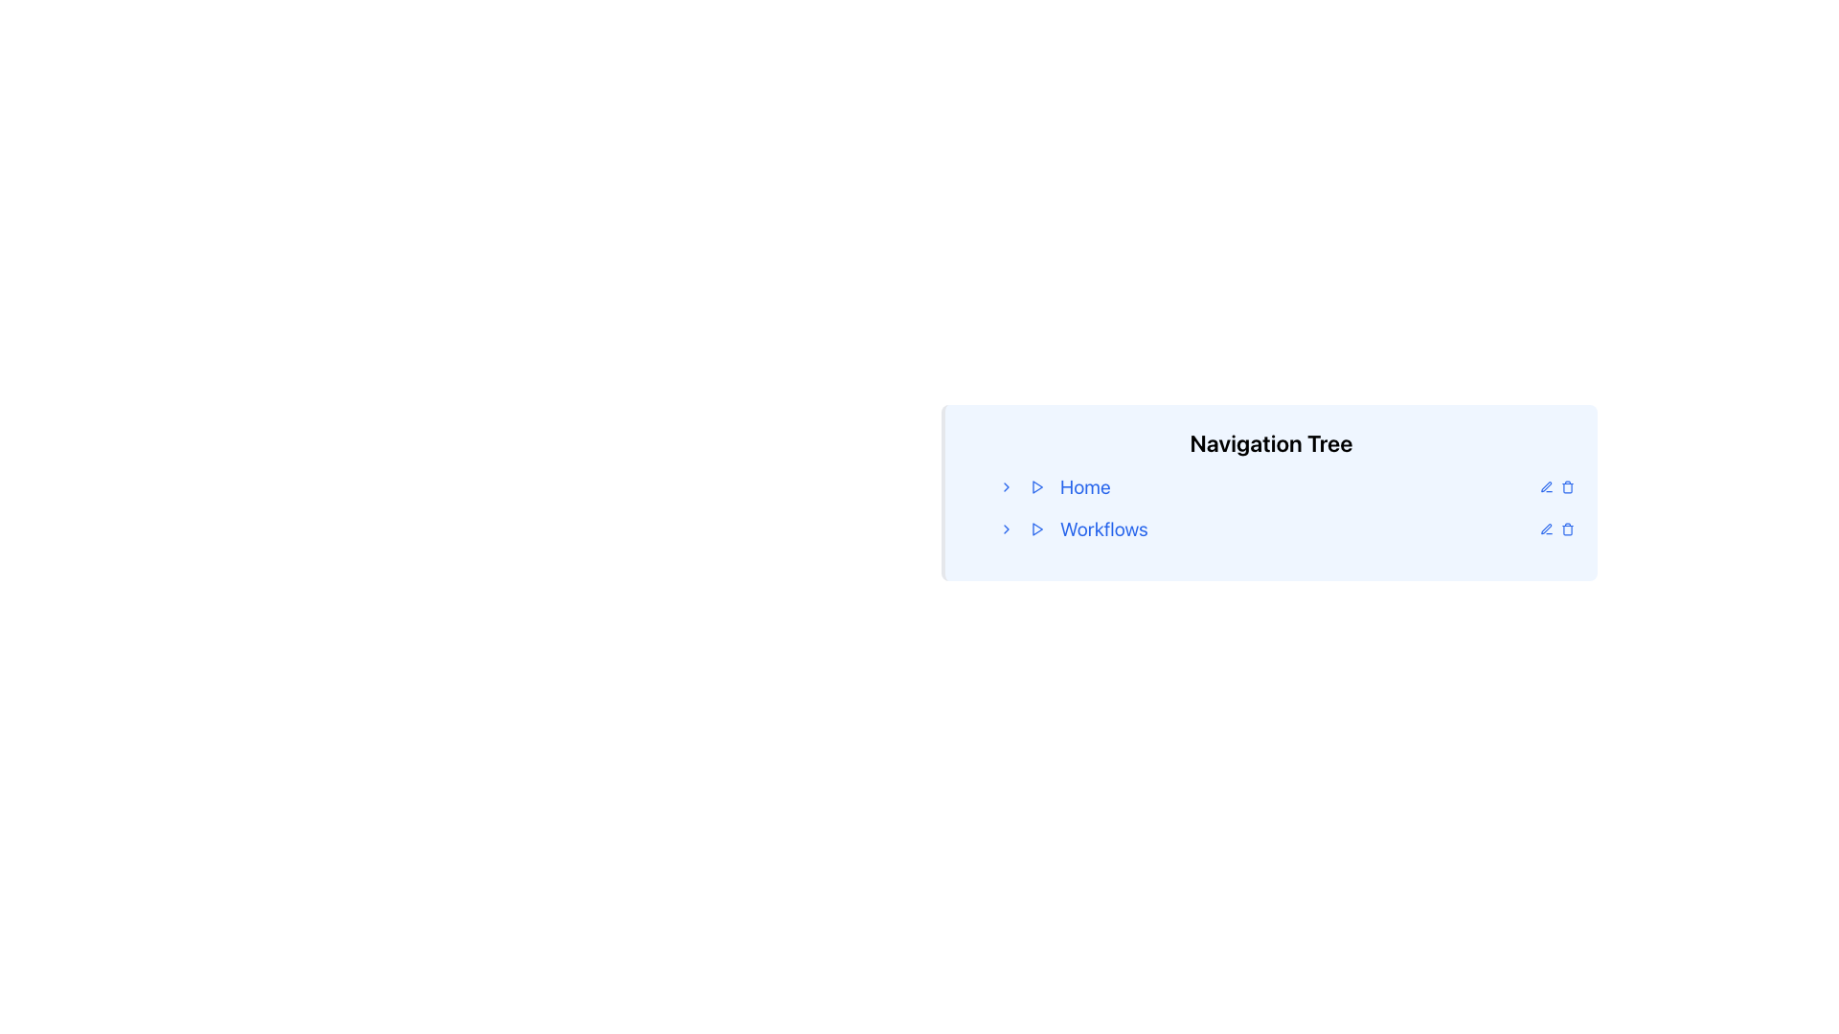  Describe the element at coordinates (1036, 528) in the screenshot. I see `the interactive icon in the navigation tree under the 'Workflows' section` at that location.